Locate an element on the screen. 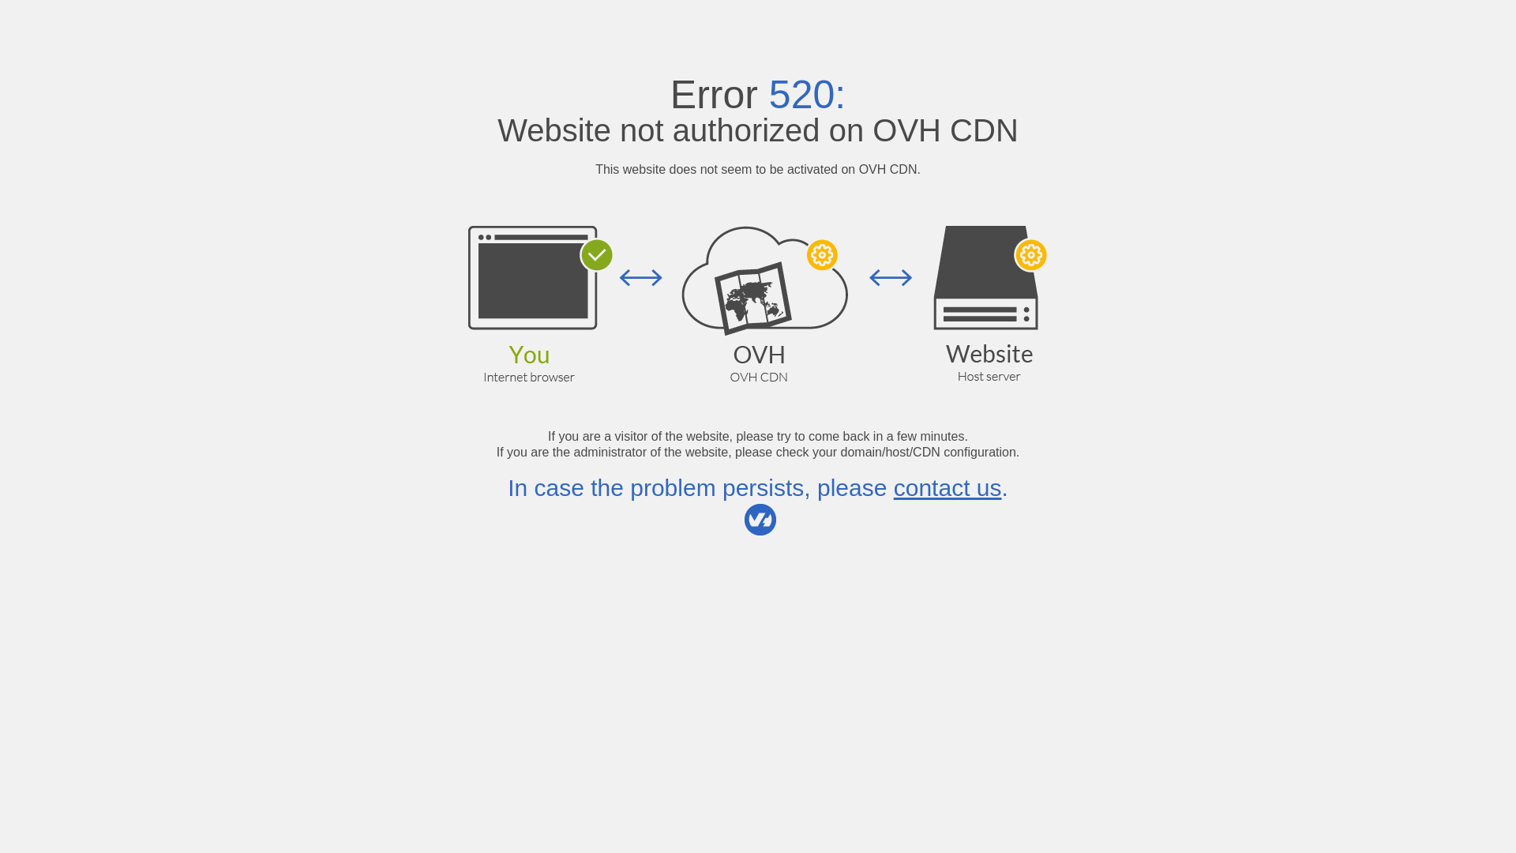 This screenshot has height=853, width=1516. 'contact us' is located at coordinates (947, 487).